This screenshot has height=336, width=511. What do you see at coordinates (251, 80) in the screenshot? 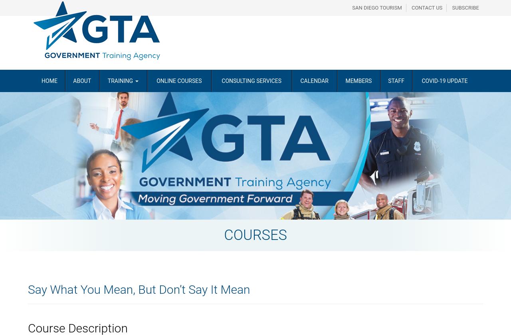
I see `'Consulting Services'` at bounding box center [251, 80].